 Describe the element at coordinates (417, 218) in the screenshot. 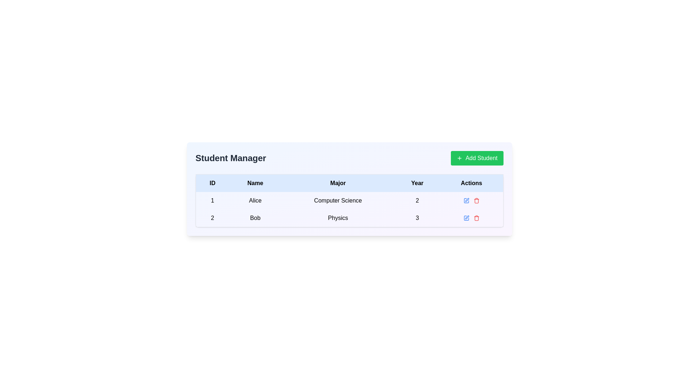

I see `the static text label displaying the year associated with the student record in the fourth column of the second row of the table, which is read-only and located near 'Bob' in the 'Name' column and 'Physics' in the 'Major' column` at that location.